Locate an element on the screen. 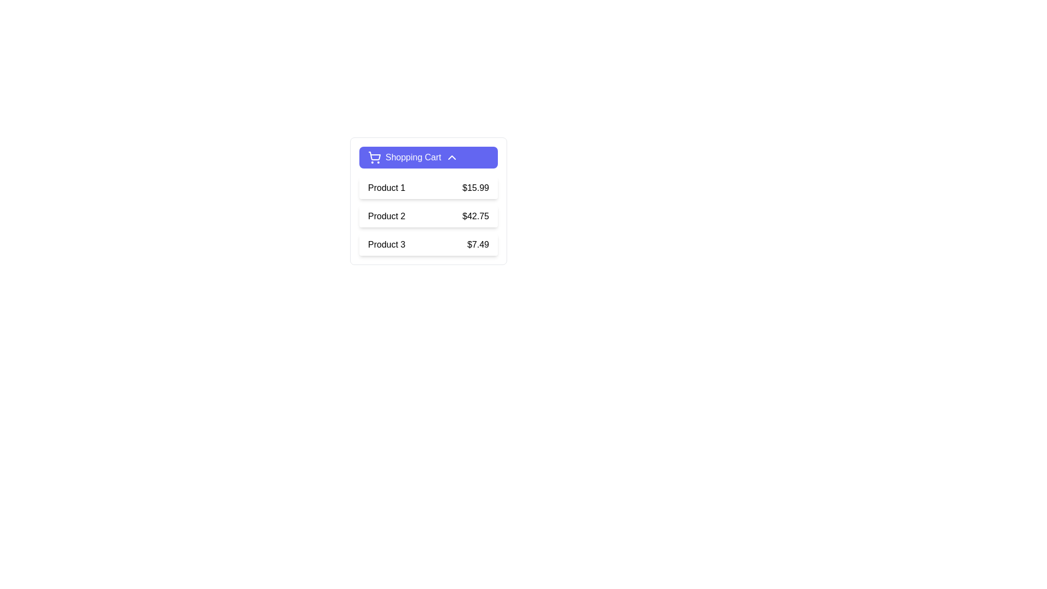 The width and height of the screenshot is (1047, 589). displayed price of 'Product 2' from the text display located to the right of 'Product 2' in the shopping cart interface is located at coordinates (476, 217).